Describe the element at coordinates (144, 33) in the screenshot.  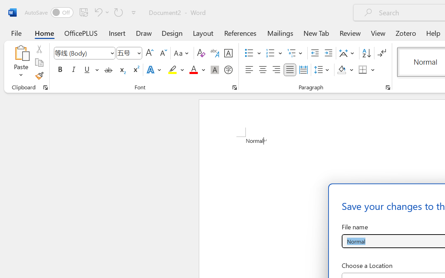
I see `'Draw'` at that location.